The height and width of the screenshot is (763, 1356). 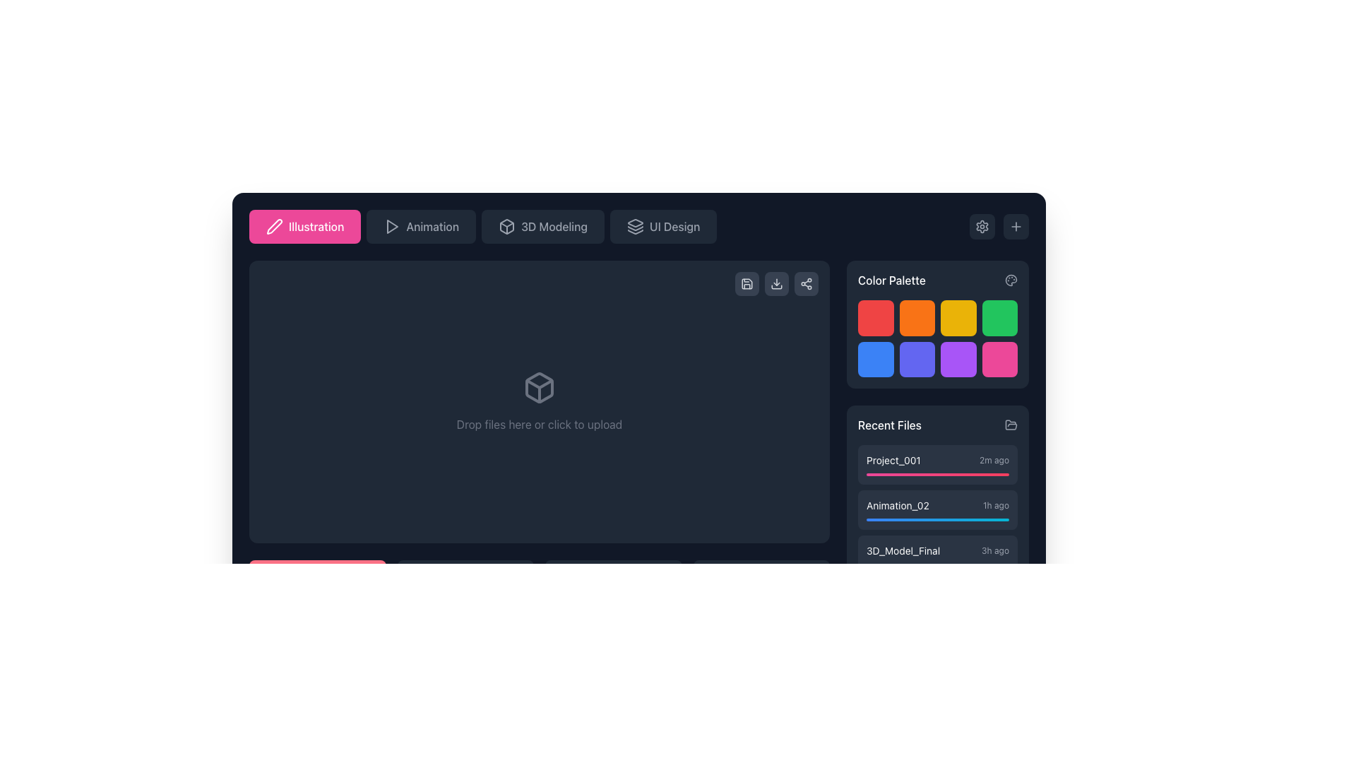 What do you see at coordinates (917, 318) in the screenshot?
I see `the bright orange button with rounded corners in the 'Color Palette' section` at bounding box center [917, 318].